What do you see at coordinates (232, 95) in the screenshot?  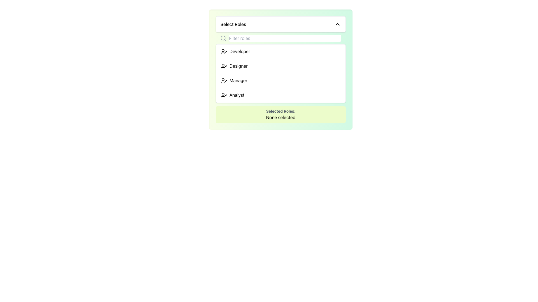 I see `the text label displaying the word 'Analyst' at the bottom of the dropdown list` at bounding box center [232, 95].